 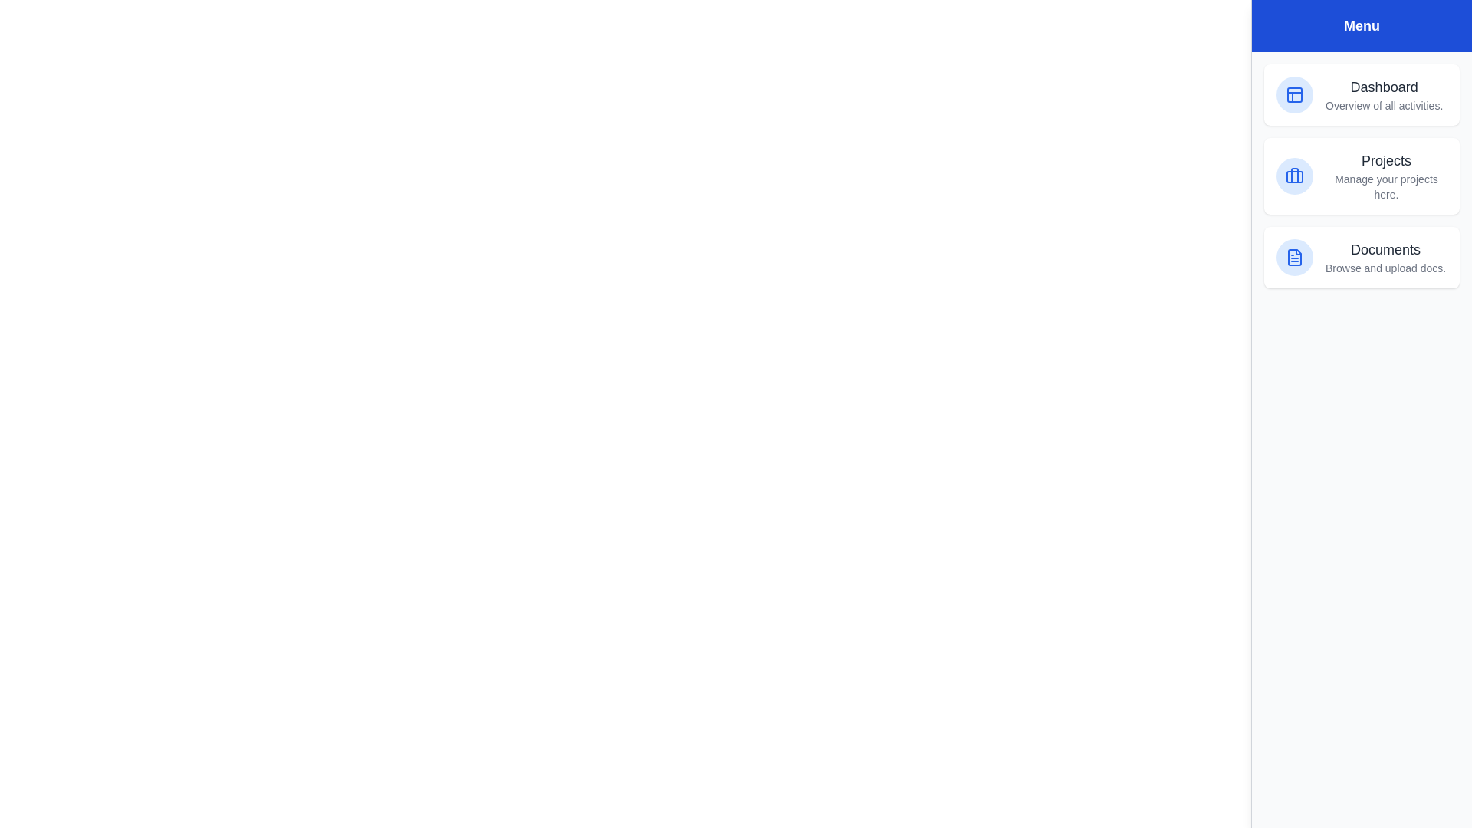 What do you see at coordinates (1362, 94) in the screenshot?
I see `the menu item Dashboard from the list` at bounding box center [1362, 94].